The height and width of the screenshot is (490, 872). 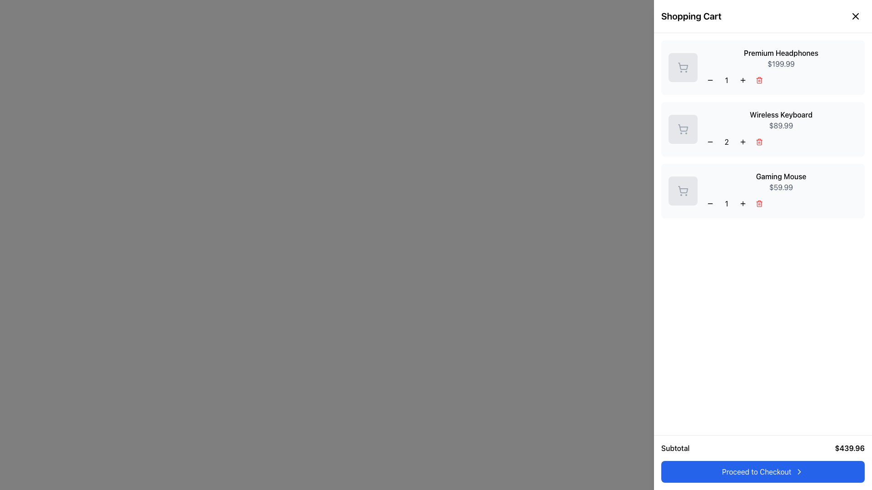 What do you see at coordinates (759, 80) in the screenshot?
I see `the red trash icon button, which is styled with a minimalistic design and located adjacent to the quantity selection in a shopping cart interface` at bounding box center [759, 80].